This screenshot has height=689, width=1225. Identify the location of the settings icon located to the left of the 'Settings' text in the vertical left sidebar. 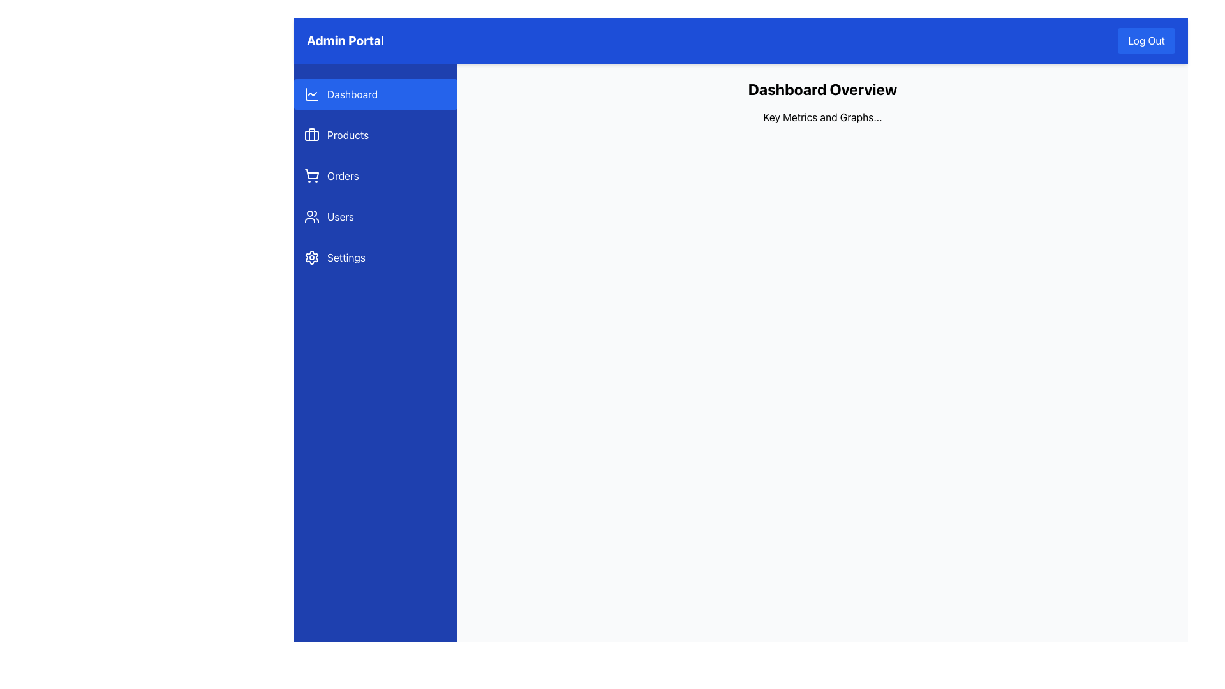
(312, 258).